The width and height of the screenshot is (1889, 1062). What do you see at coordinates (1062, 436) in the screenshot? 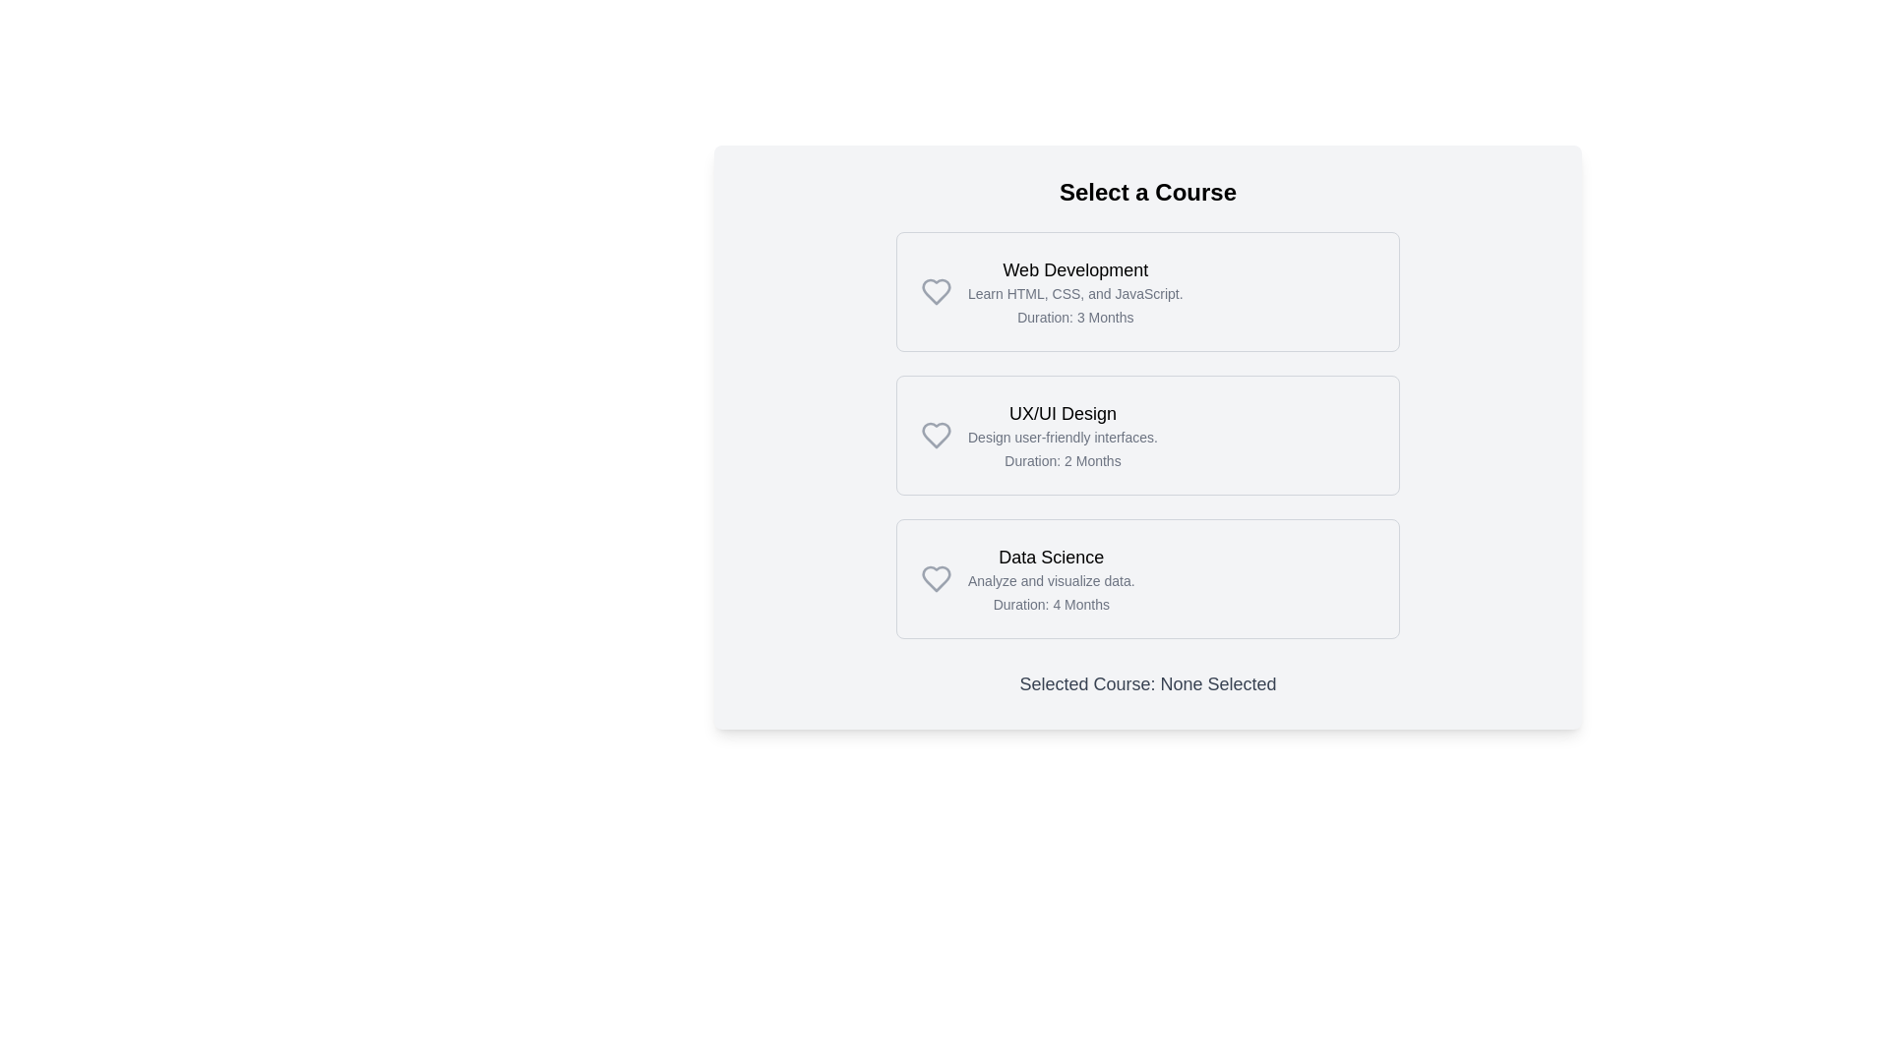
I see `the Text Label that provides a brief description of the 'UX/UI Design' course, located in the second card of the 'Select a Course' section, positioned below the 'UX/UI Design' header` at bounding box center [1062, 436].